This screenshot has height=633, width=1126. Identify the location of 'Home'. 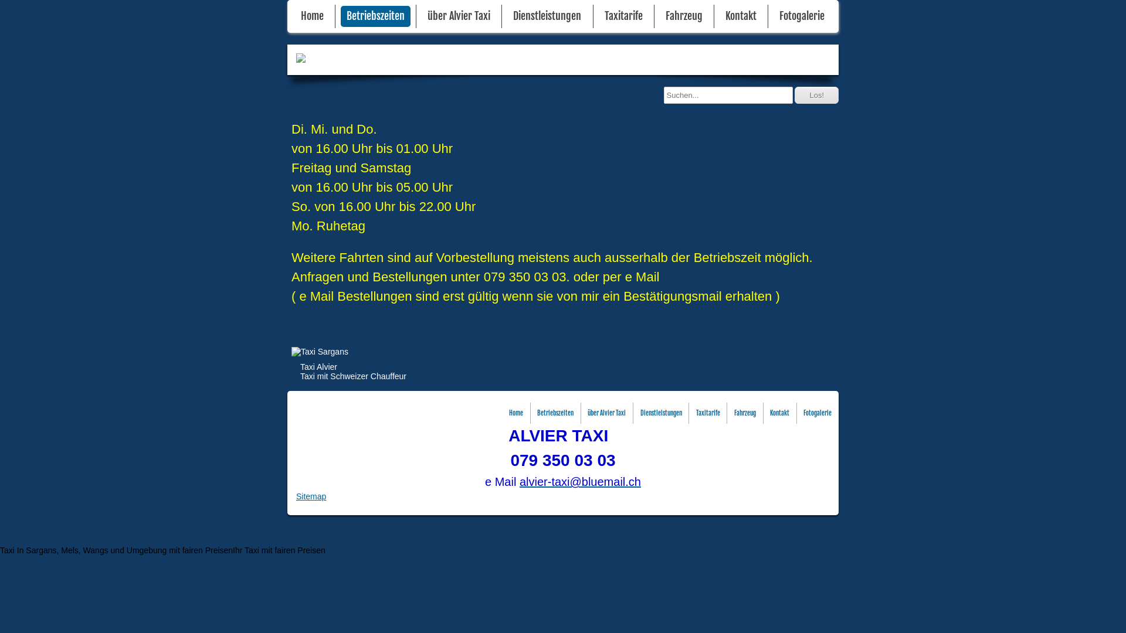
(295, 16).